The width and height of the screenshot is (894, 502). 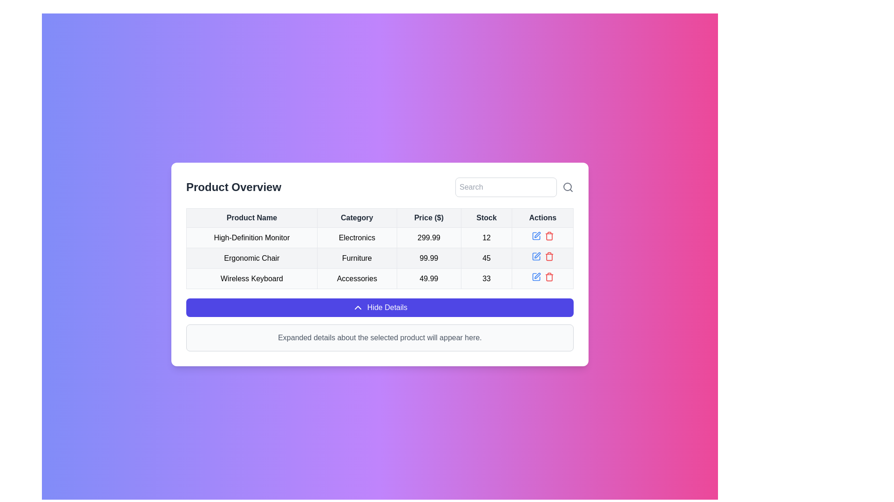 What do you see at coordinates (251, 258) in the screenshot?
I see `the text label displaying 'Ergonomic Chair' located in the second row of the table under the 'Product Name' column` at bounding box center [251, 258].